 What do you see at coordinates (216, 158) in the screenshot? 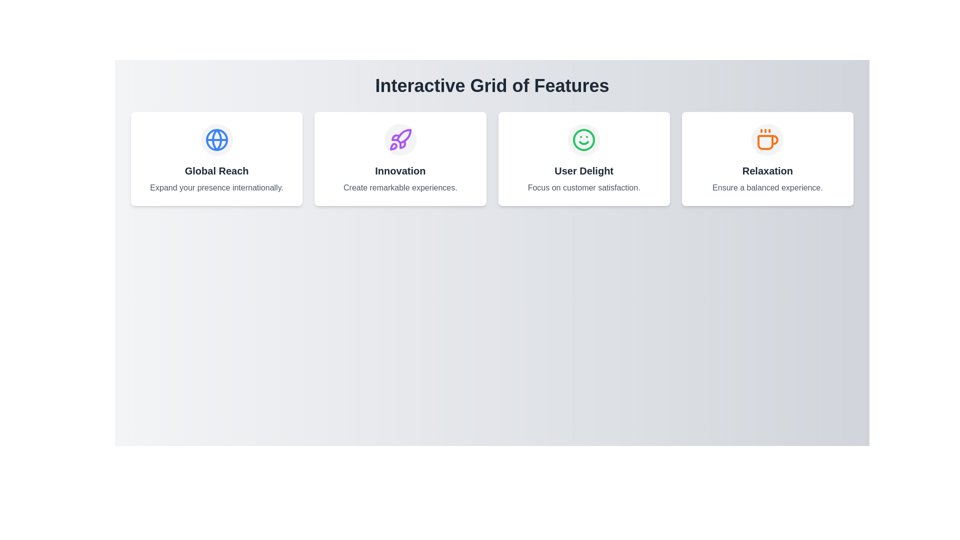
I see `the Information card titled 'Global Reach' which is the first card in the grid layout, located in the top-left corner` at bounding box center [216, 158].